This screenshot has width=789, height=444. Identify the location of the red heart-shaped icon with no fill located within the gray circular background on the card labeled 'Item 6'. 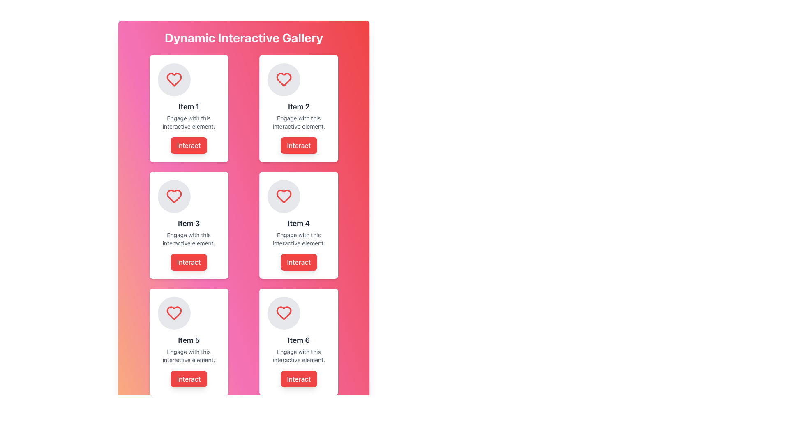
(173, 313).